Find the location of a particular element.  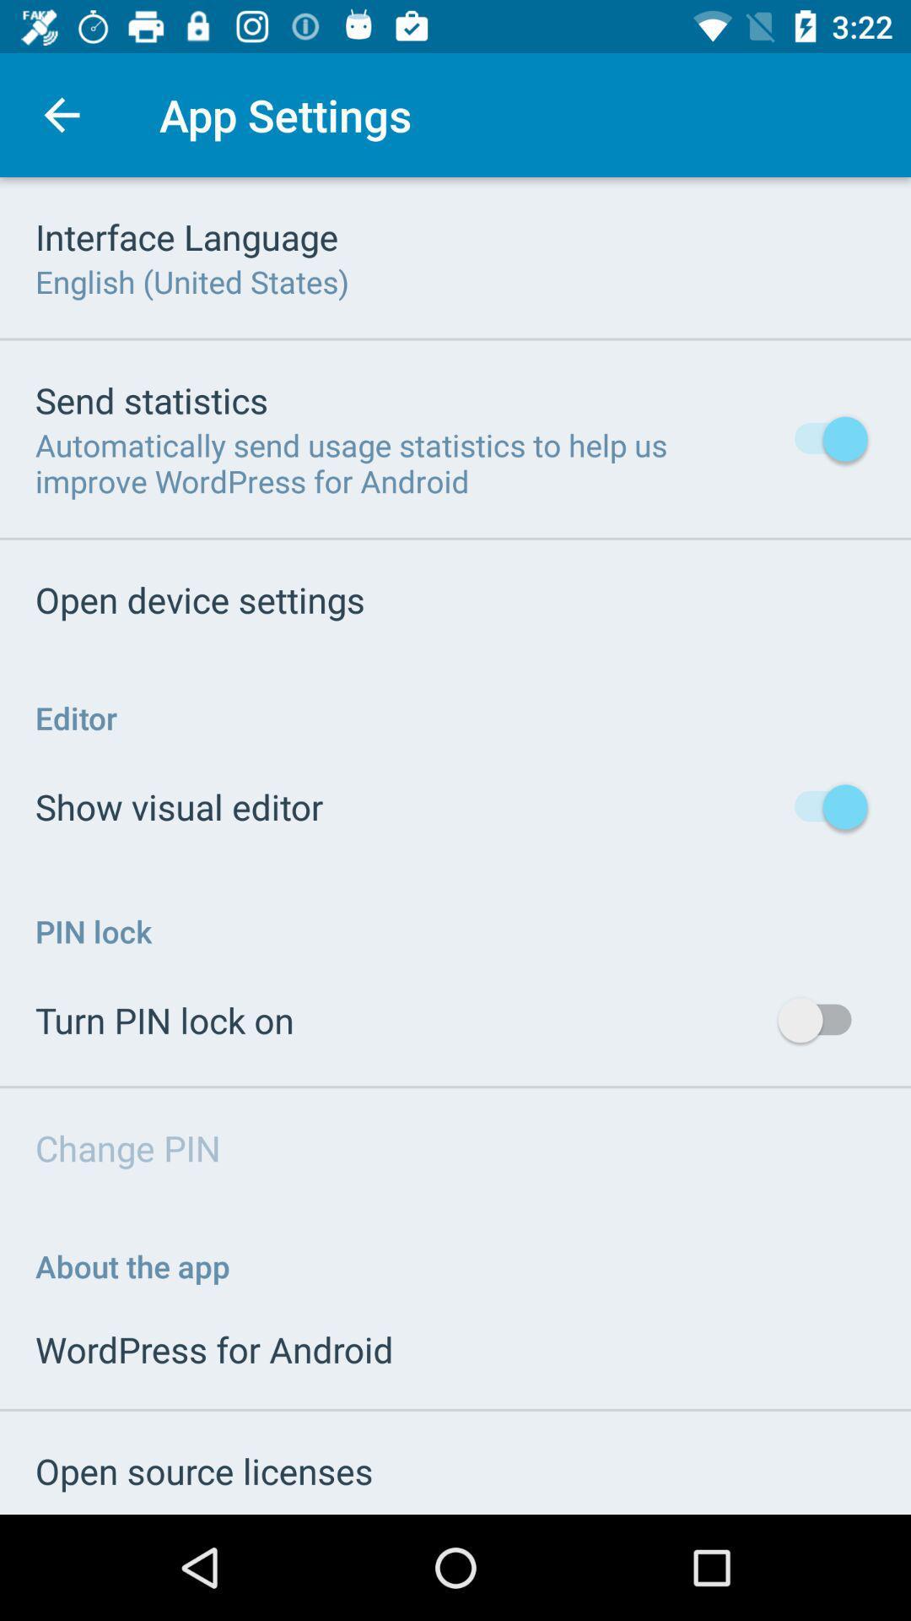

the icon to the left of the app settings icon is located at coordinates (61, 114).